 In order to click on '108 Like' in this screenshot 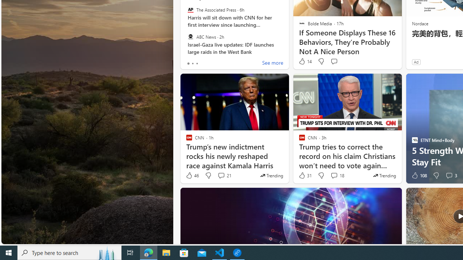, I will do `click(419, 175)`.